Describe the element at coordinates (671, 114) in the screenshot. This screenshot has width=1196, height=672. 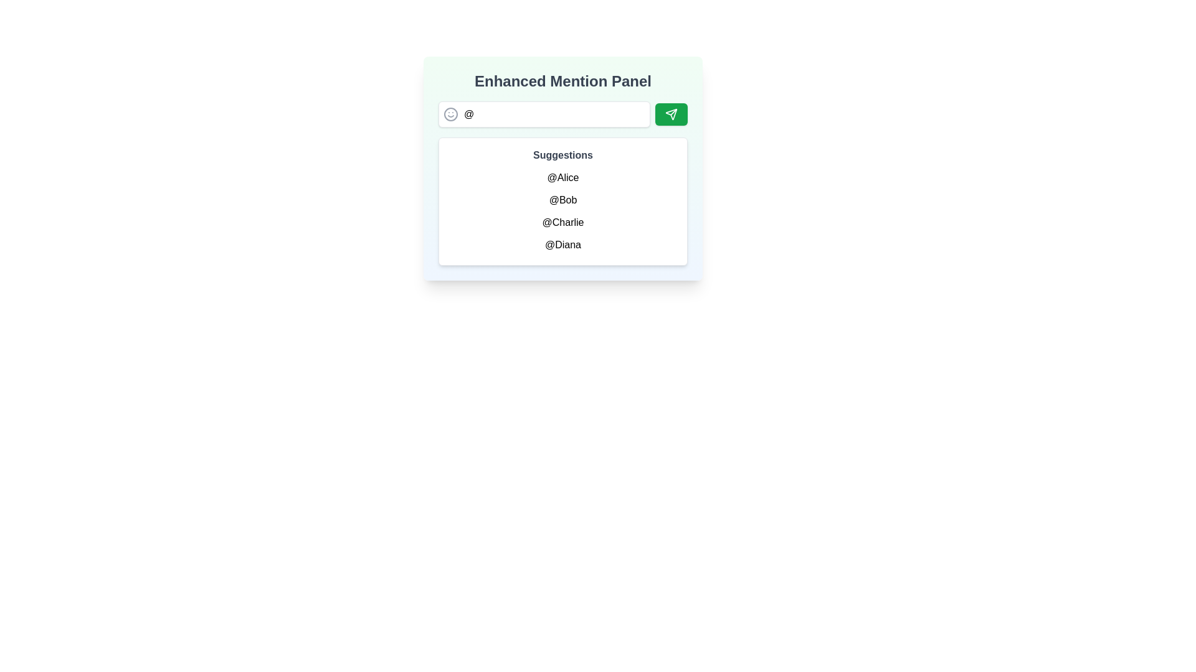
I see `the SVG Icon styled as an arrow or paper plane, which is located within a green button to the right of the input box in the Enhanced Mention Panel` at that location.